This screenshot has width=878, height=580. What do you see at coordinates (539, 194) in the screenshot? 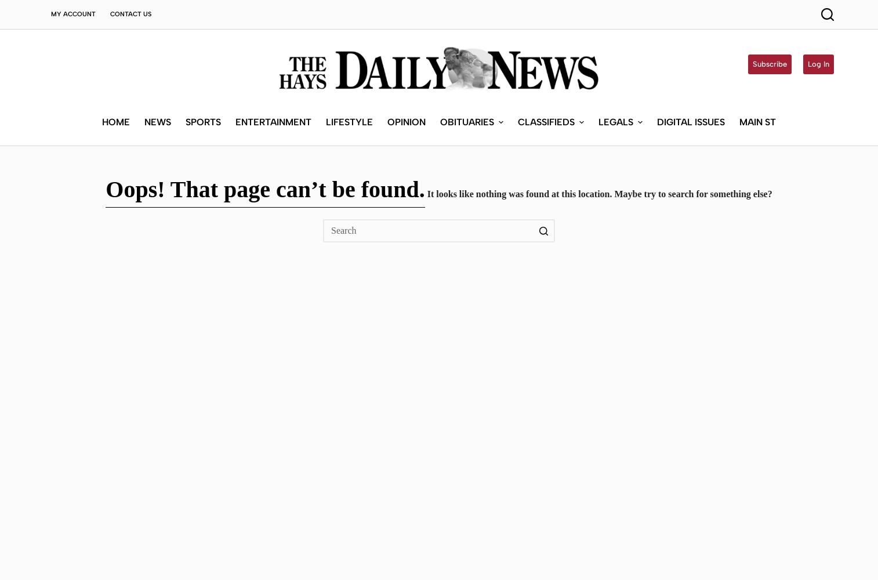
I see `'Job Board'` at bounding box center [539, 194].